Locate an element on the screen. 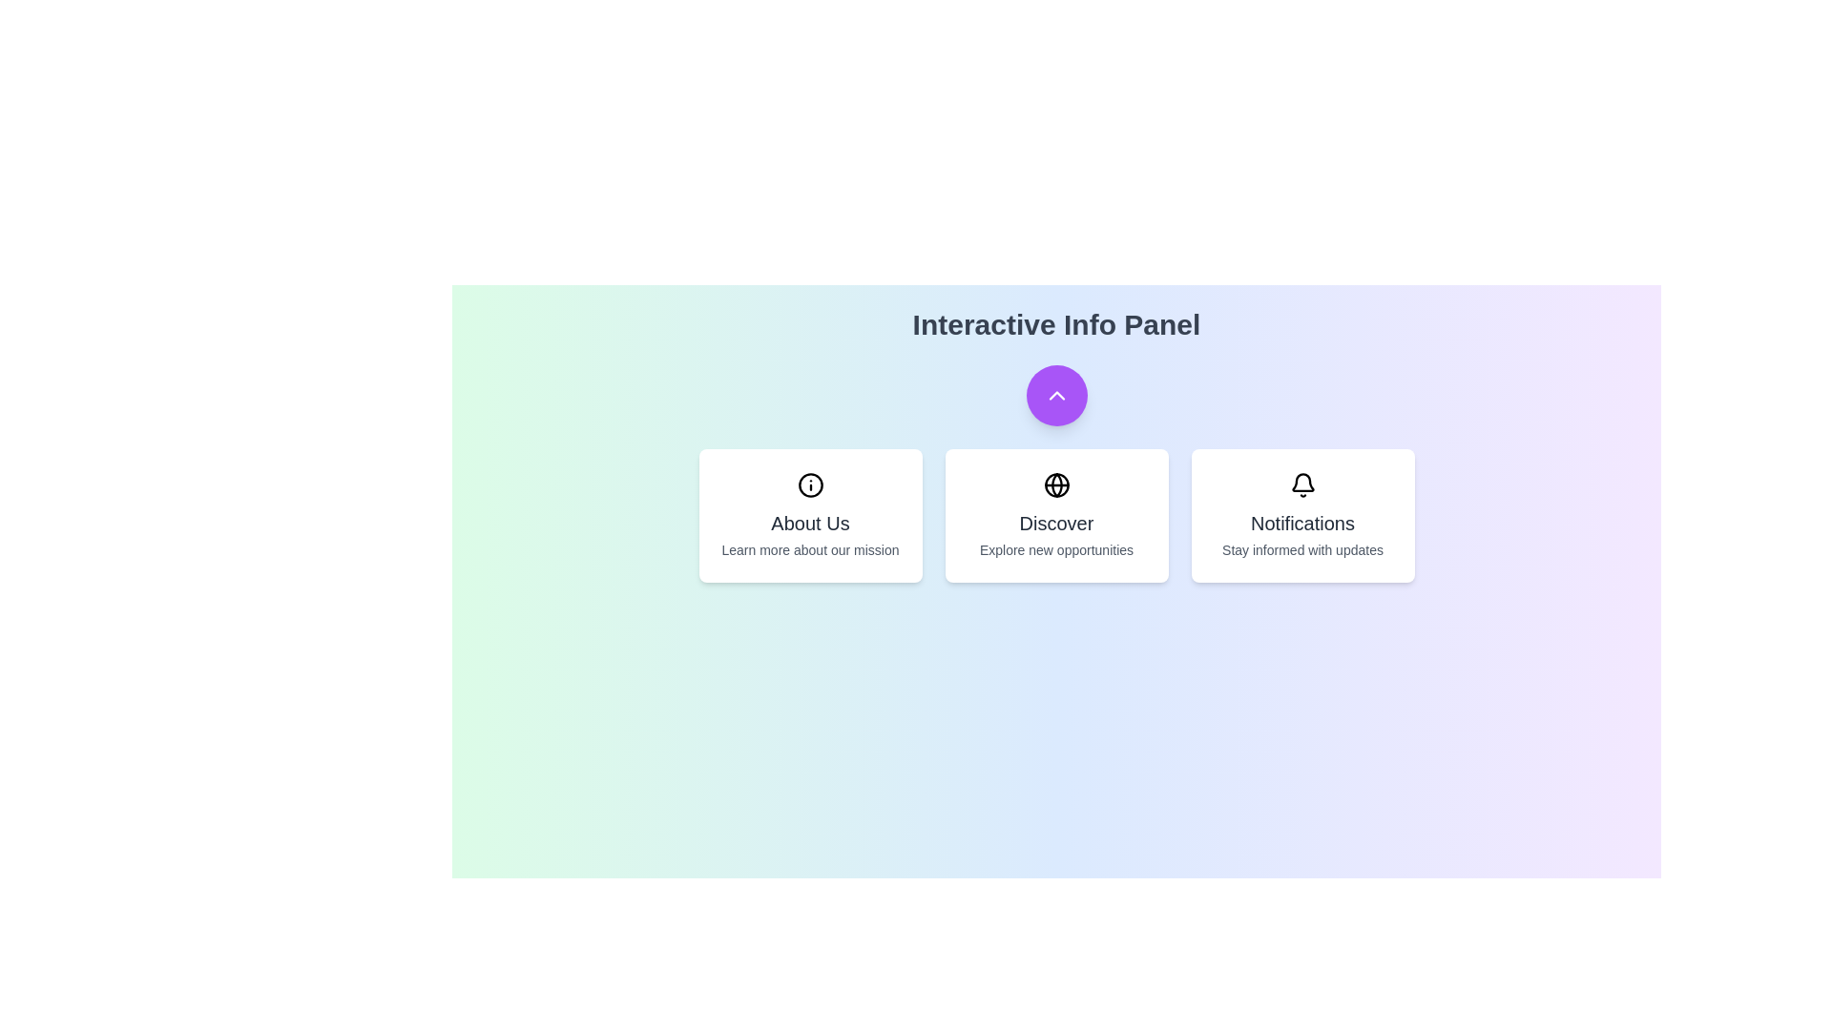  the 'About Us' card to learn more is located at coordinates (810, 515).